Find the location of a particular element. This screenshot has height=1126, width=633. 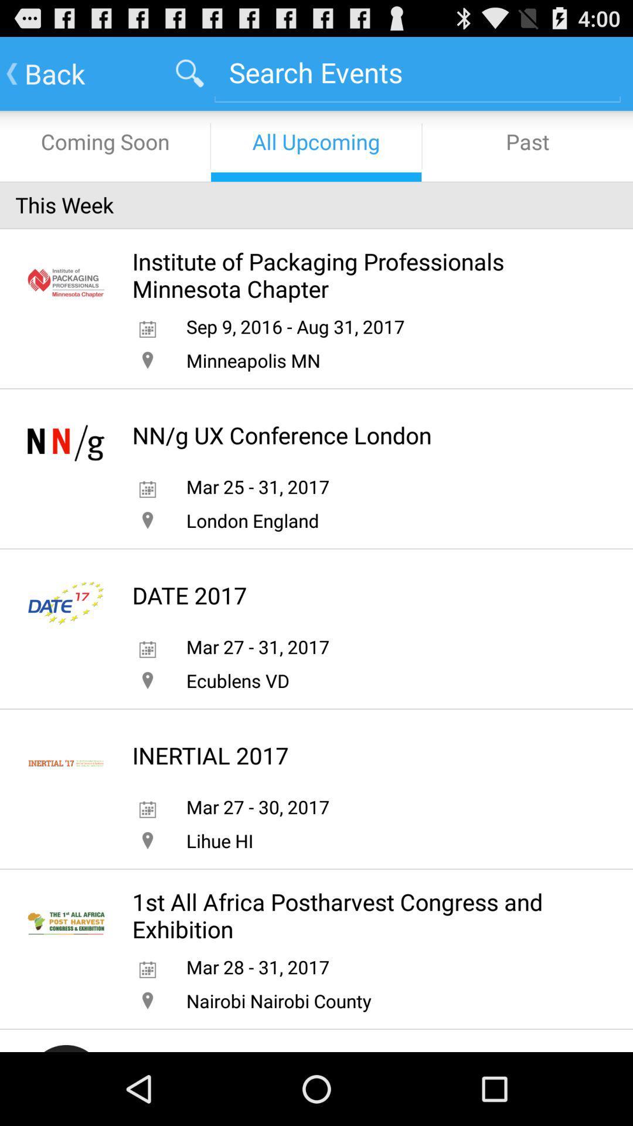

item above the nn g ux icon is located at coordinates (253, 359).